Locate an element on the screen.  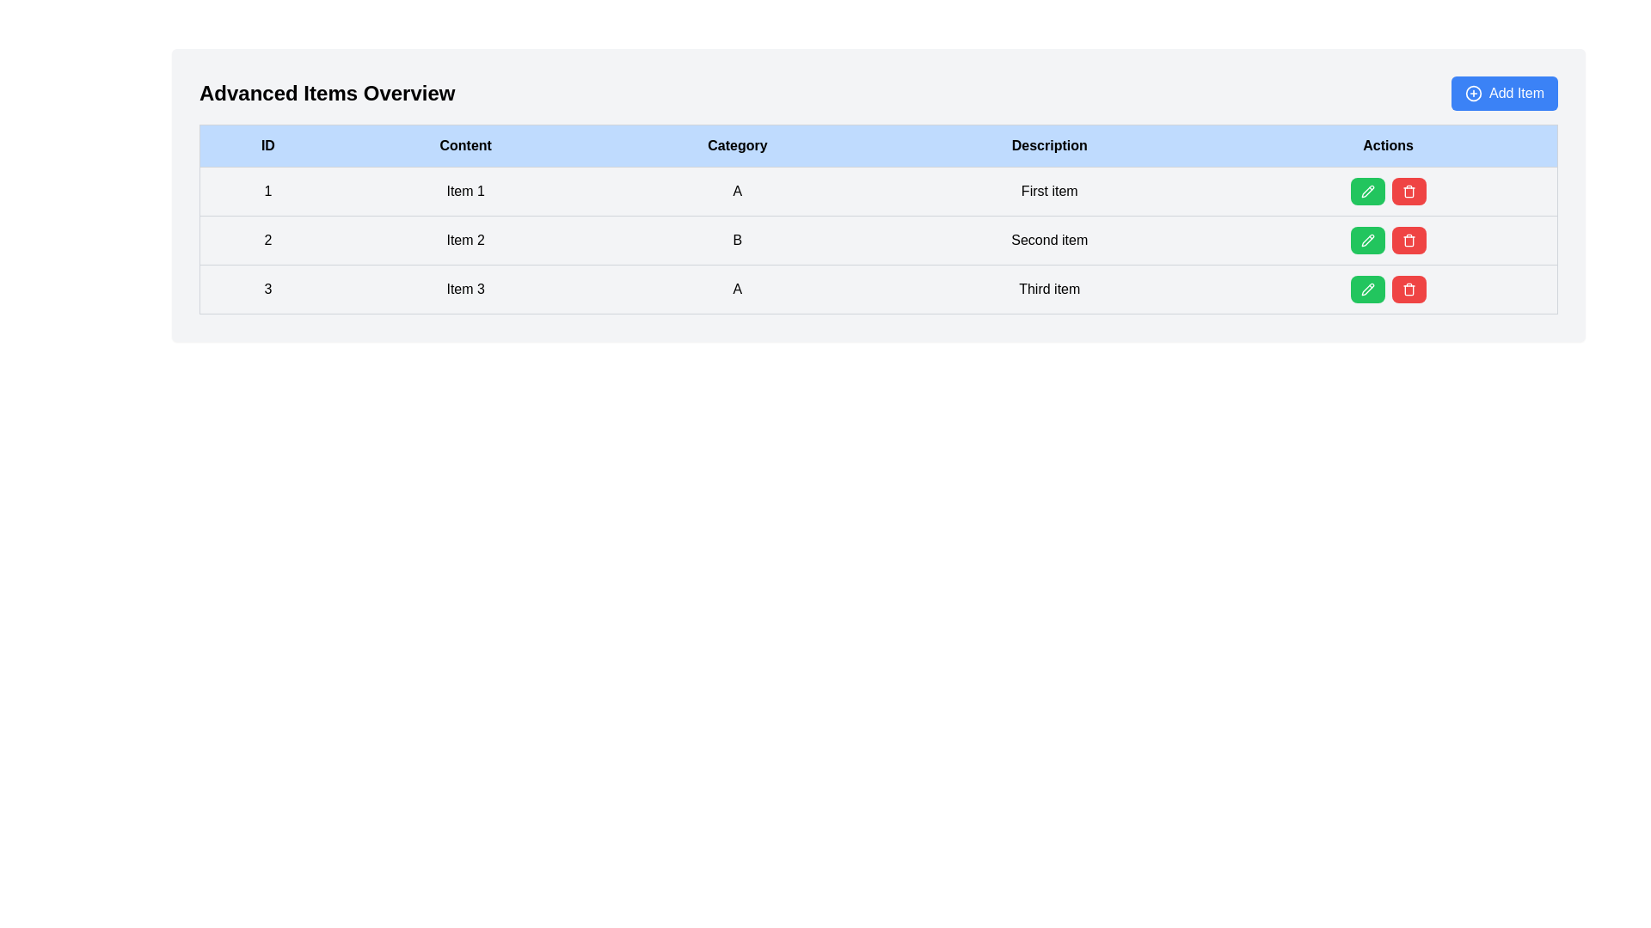
the second segment of the trash icon located in the 'Actions' column of the third row in the table is located at coordinates (1409, 241).